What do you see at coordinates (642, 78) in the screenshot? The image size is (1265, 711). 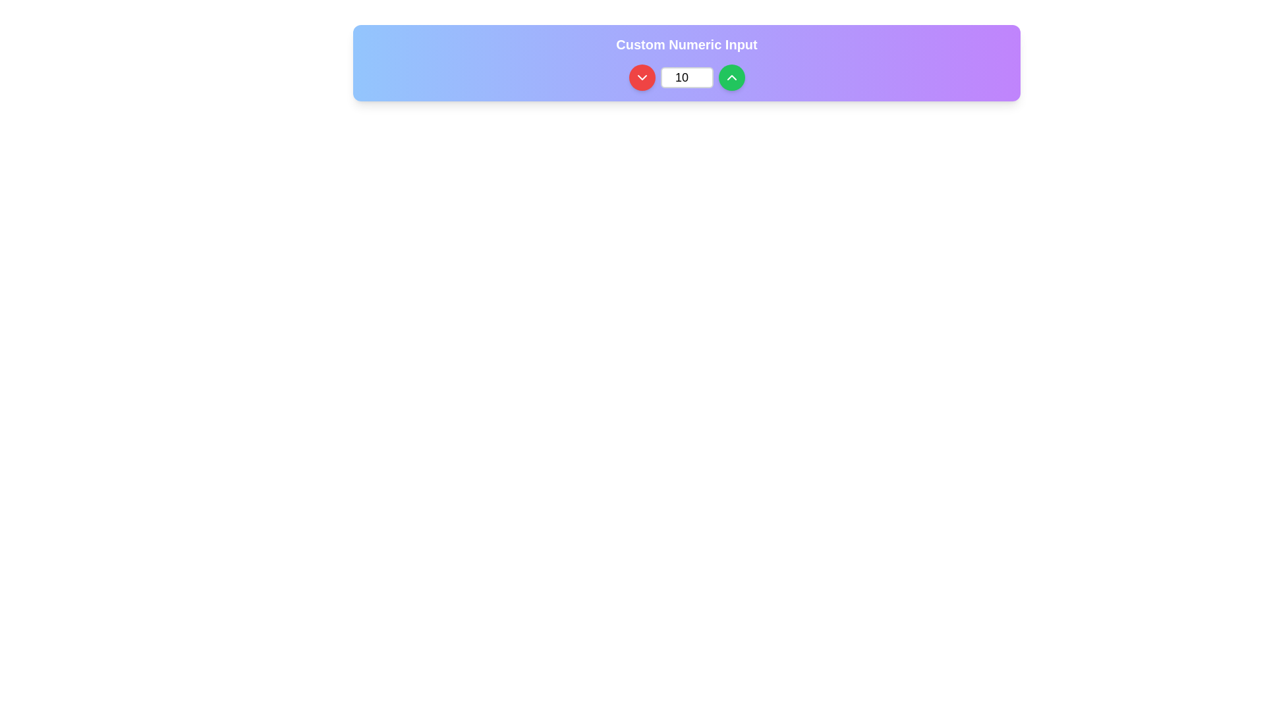 I see `the chevron icon within the red circular button` at bounding box center [642, 78].